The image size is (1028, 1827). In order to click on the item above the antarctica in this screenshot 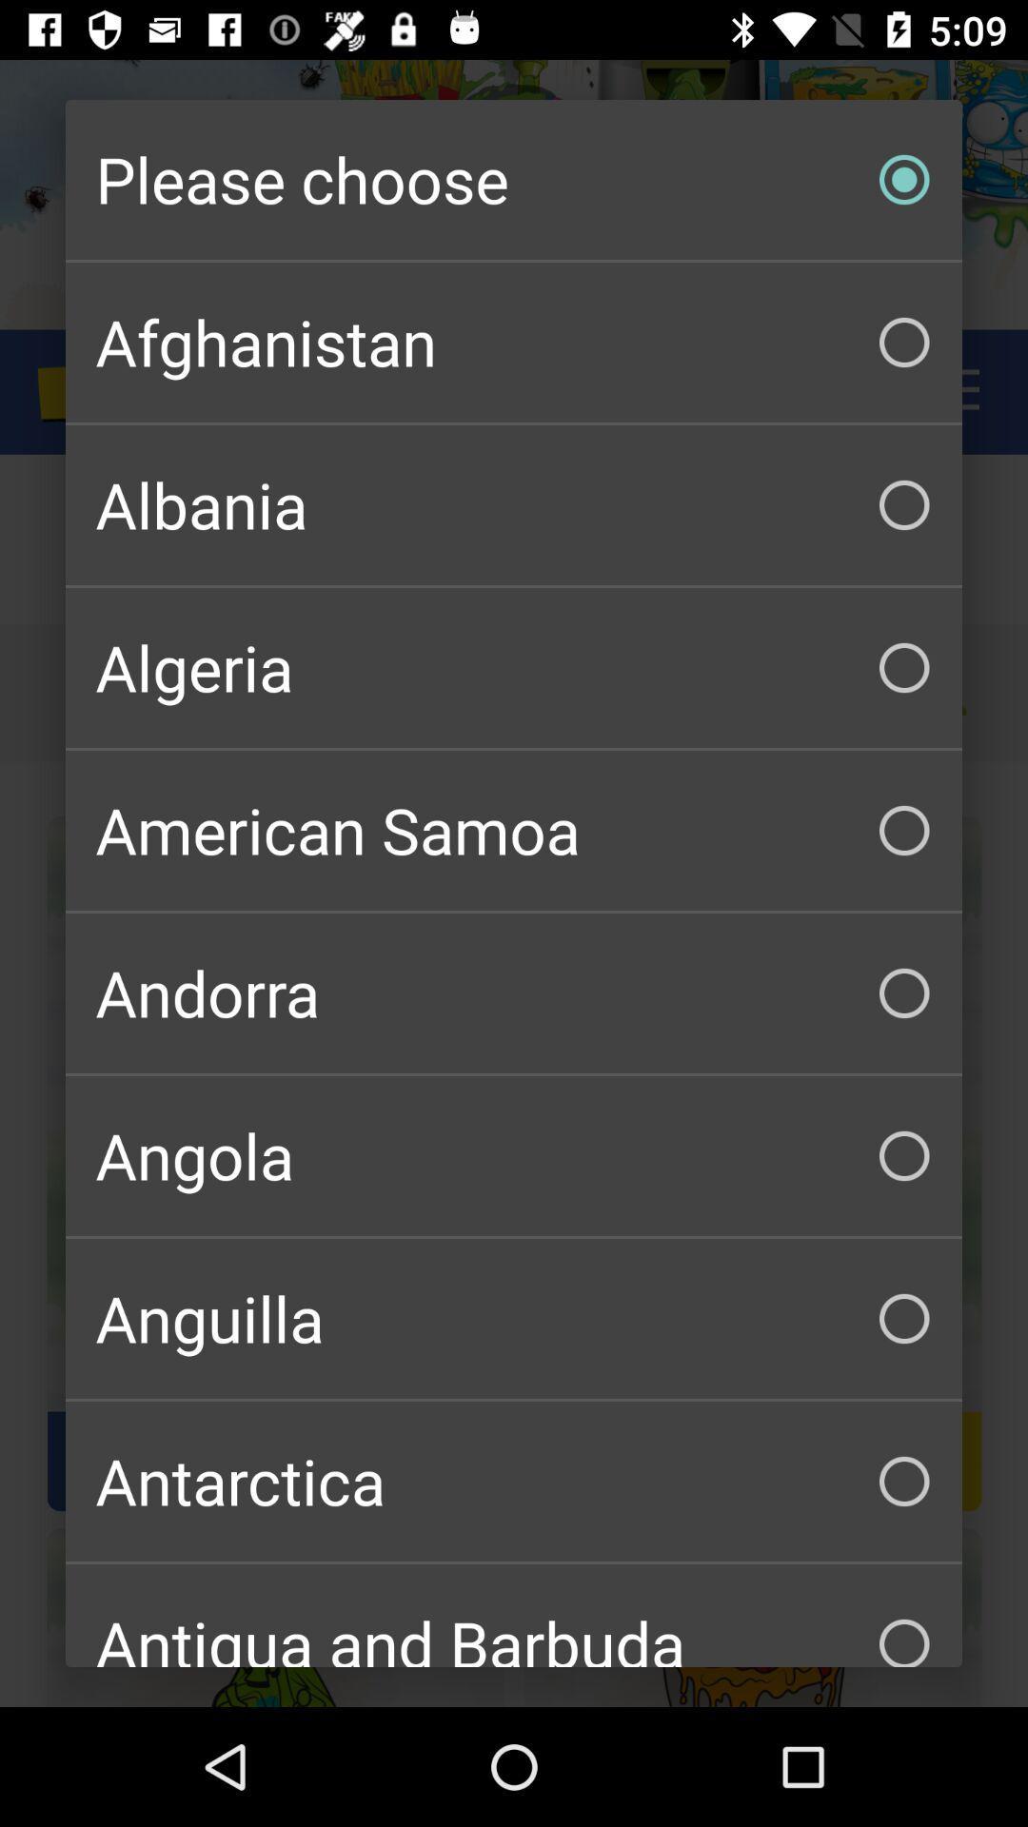, I will do `click(514, 1318)`.